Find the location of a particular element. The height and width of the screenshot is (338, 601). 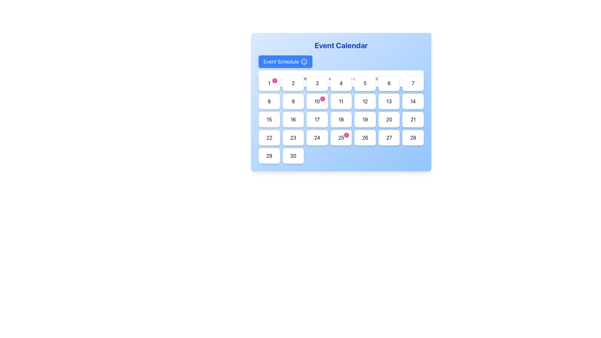

the circular information icon that is part of the SVG representation adjacent to the 'Event Schedule' button to observe the visual indication or tooltip is located at coordinates (304, 61).